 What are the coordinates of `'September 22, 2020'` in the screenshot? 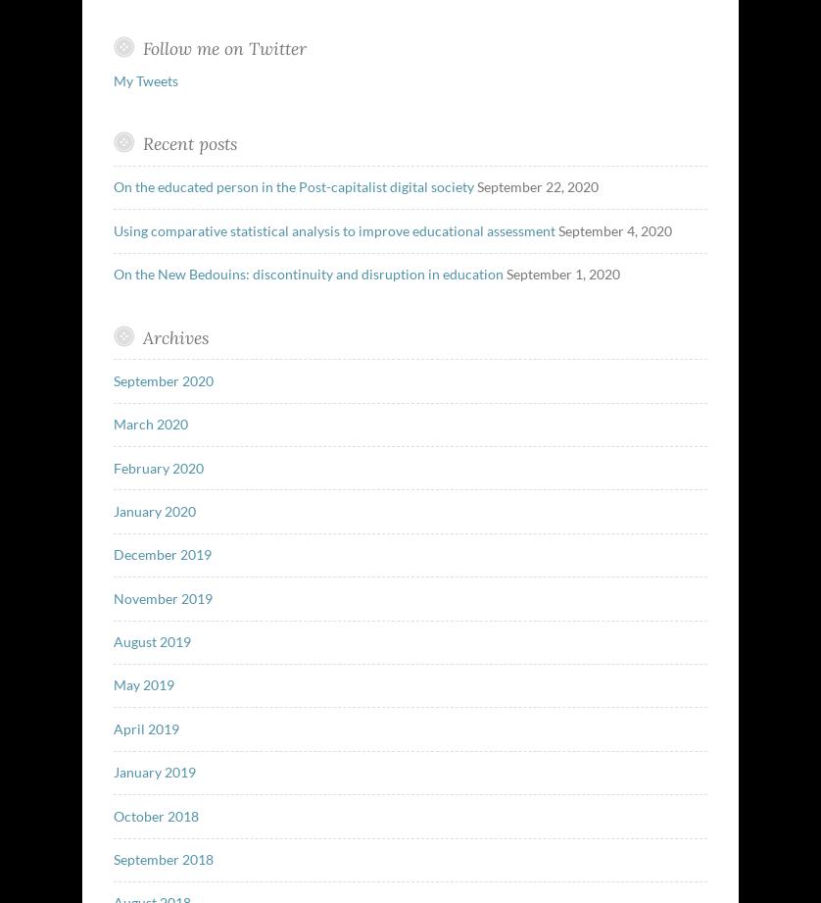 It's located at (536, 185).